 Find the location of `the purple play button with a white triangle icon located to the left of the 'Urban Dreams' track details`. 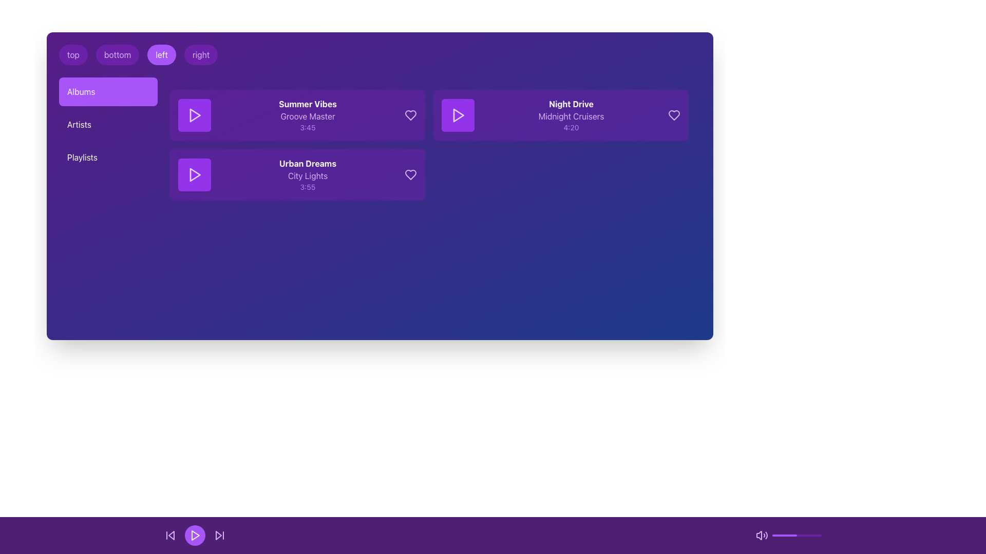

the purple play button with a white triangle icon located to the left of the 'Urban Dreams' track details is located at coordinates (195, 174).